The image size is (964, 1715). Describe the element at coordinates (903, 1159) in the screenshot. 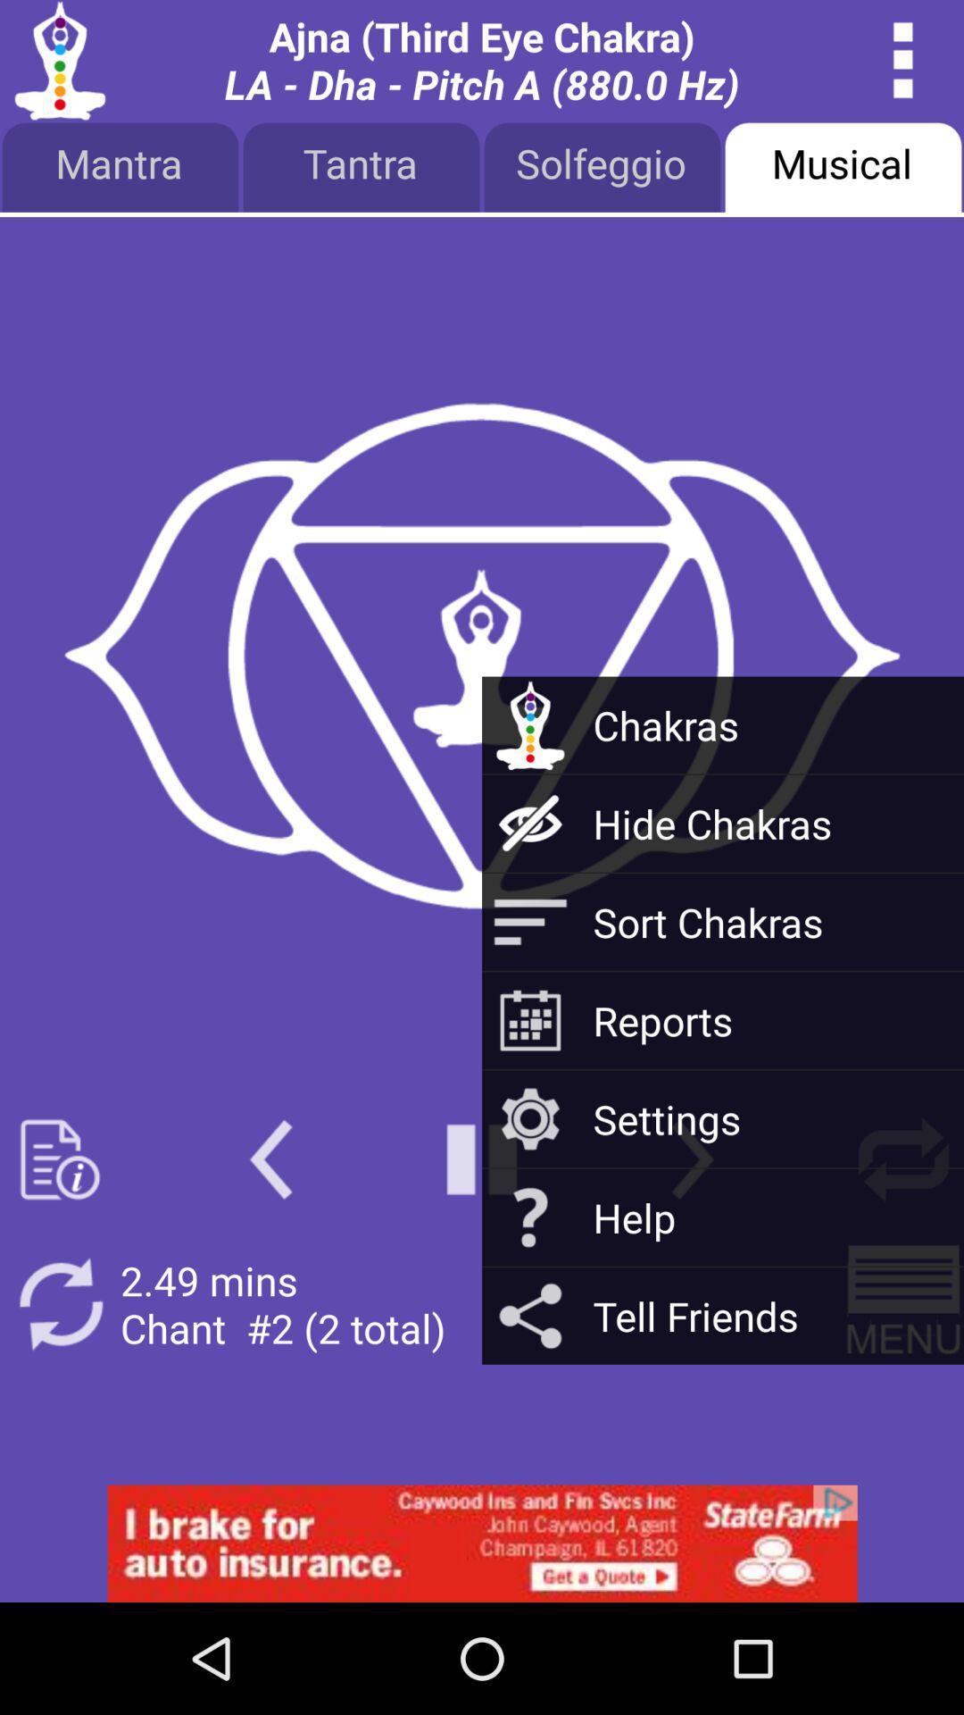

I see `setting button` at that location.